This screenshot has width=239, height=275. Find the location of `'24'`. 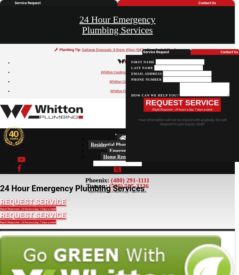

'24' is located at coordinates (112, 191).